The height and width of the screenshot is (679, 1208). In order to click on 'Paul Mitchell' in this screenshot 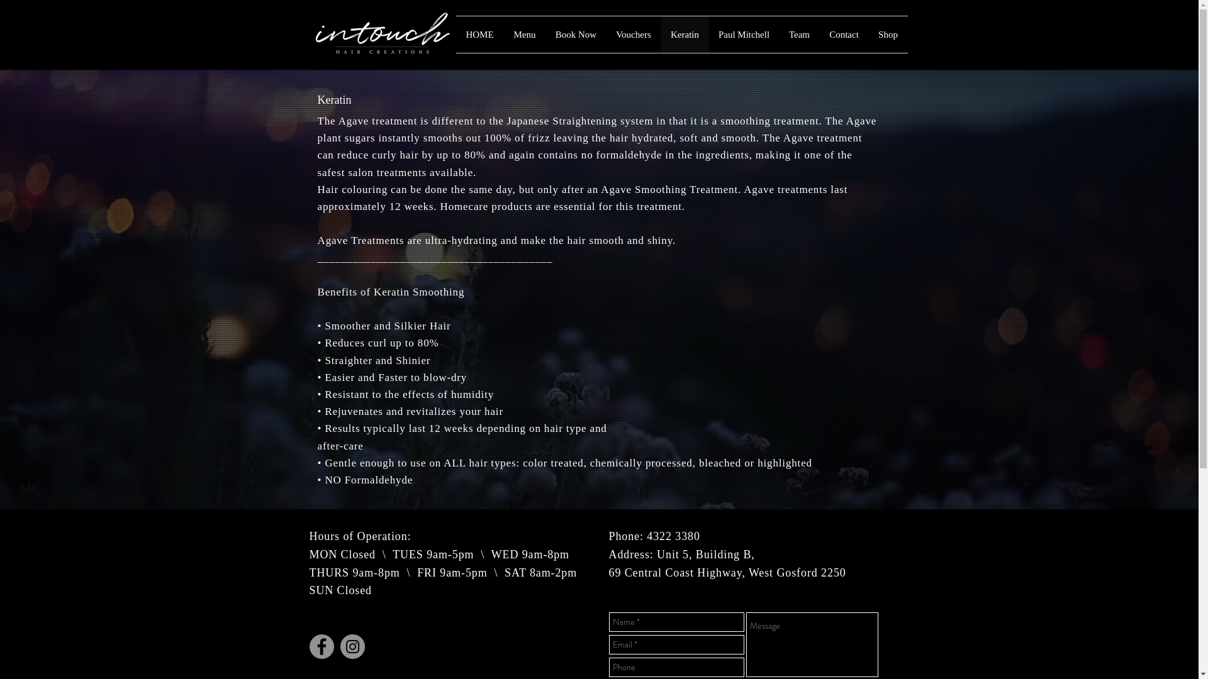, I will do `click(743, 33)`.